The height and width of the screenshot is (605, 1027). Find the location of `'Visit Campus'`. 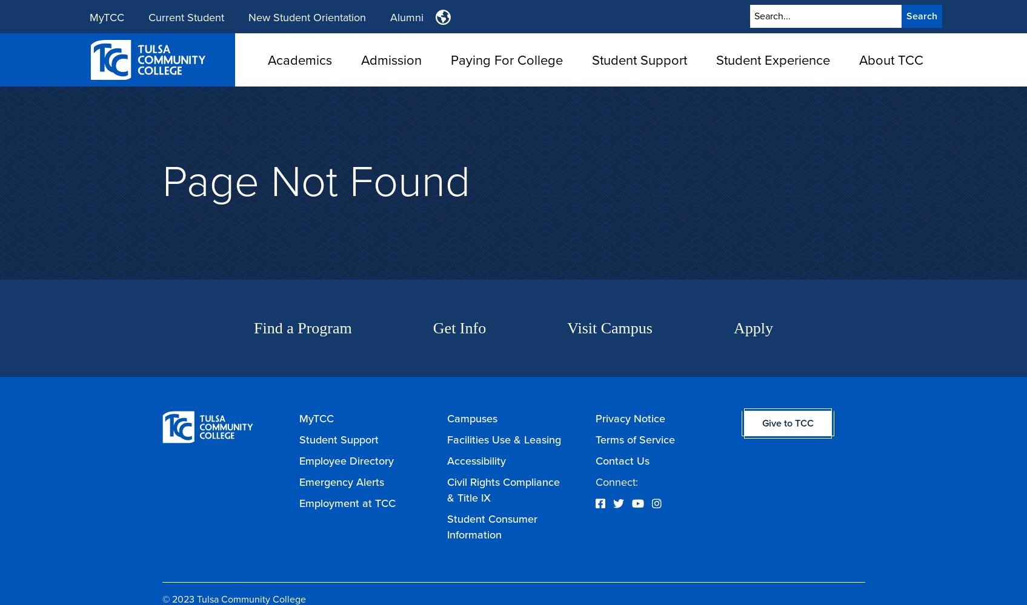

'Visit Campus' is located at coordinates (608, 328).